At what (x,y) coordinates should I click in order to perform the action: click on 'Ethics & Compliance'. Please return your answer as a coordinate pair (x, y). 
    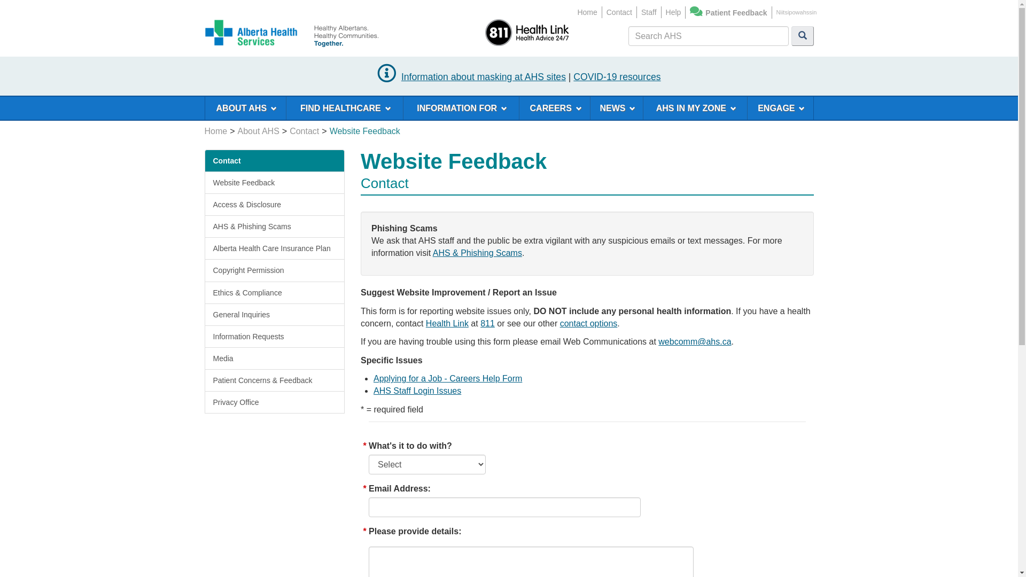
    Looking at the image, I should click on (274, 292).